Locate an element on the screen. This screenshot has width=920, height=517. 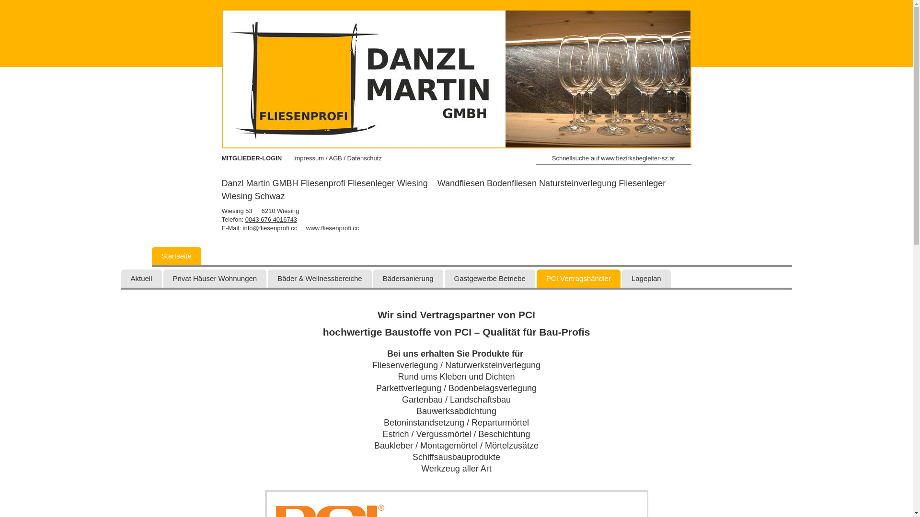
'Lageplan' is located at coordinates (646, 279).